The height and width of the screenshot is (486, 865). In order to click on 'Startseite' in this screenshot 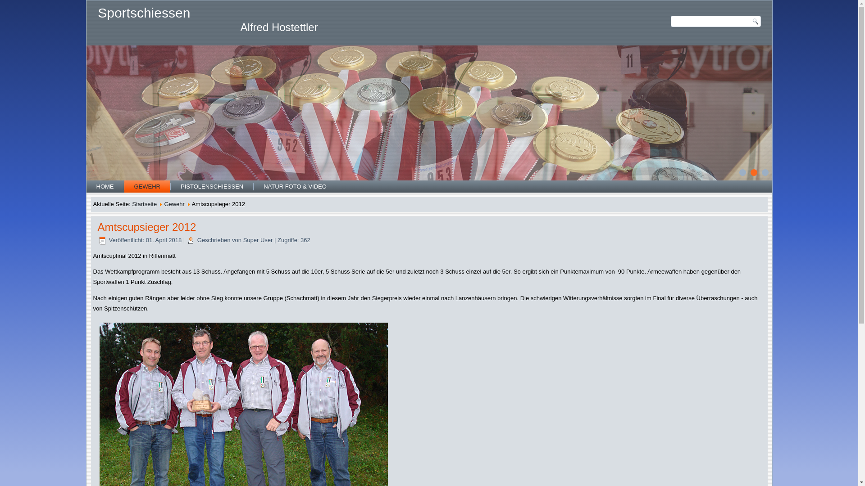, I will do `click(144, 204)`.